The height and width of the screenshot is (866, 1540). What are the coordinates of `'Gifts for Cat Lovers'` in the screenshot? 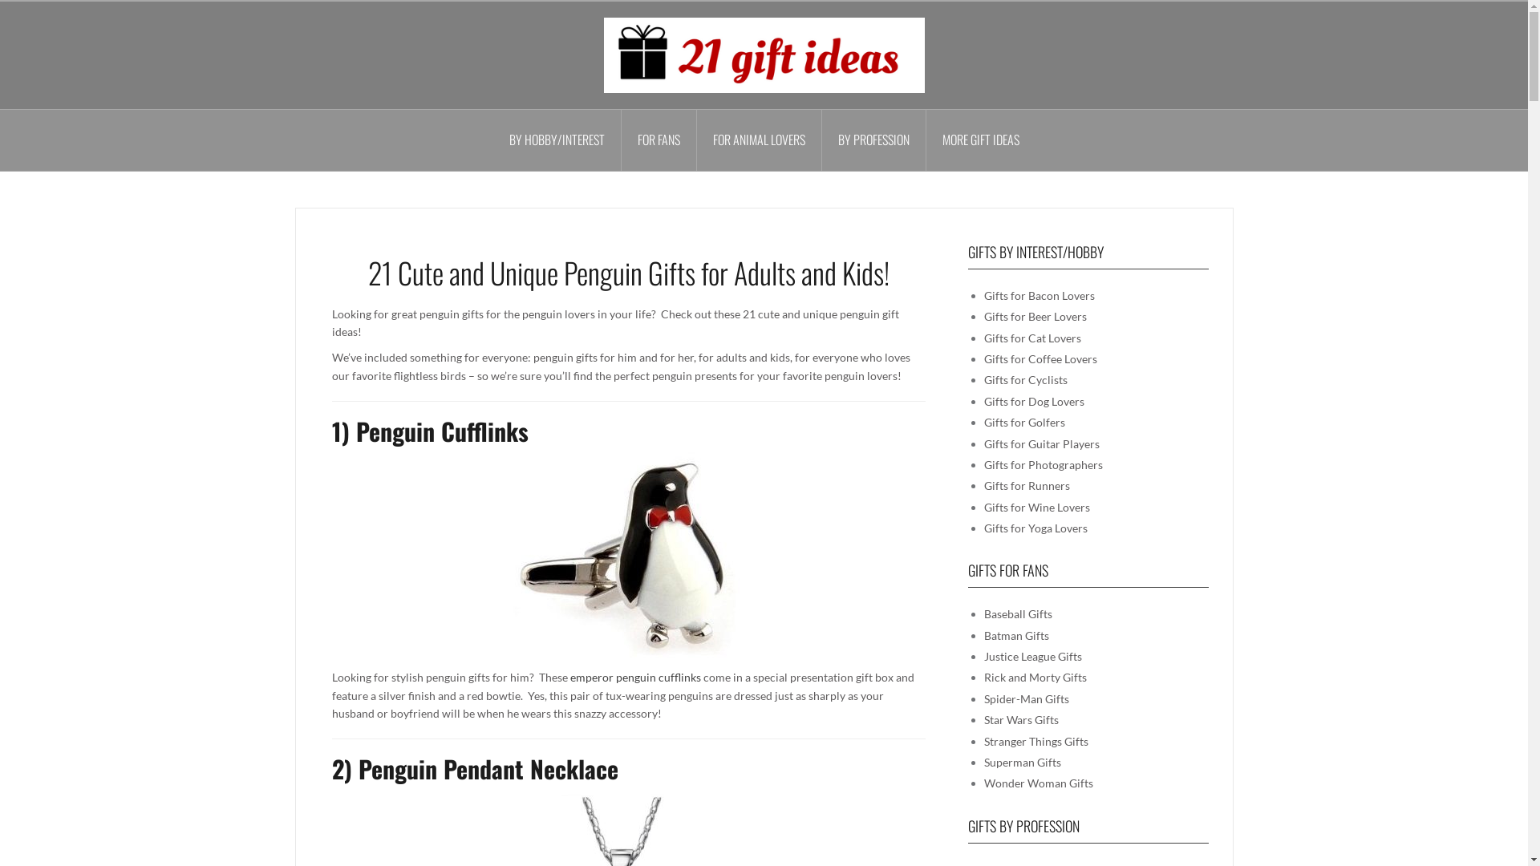 It's located at (1031, 337).